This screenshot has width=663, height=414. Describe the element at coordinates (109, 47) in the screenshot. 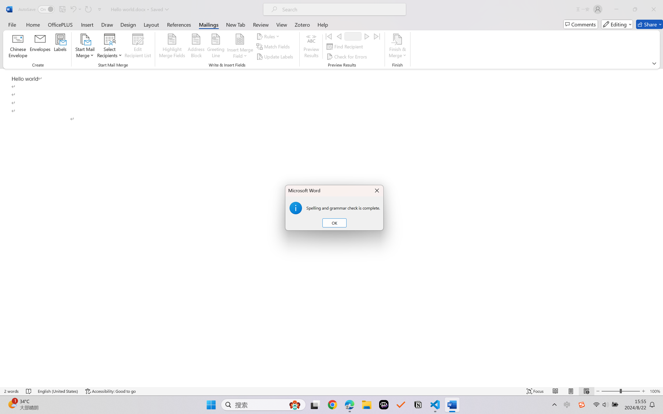

I see `'Select Recipients'` at that location.